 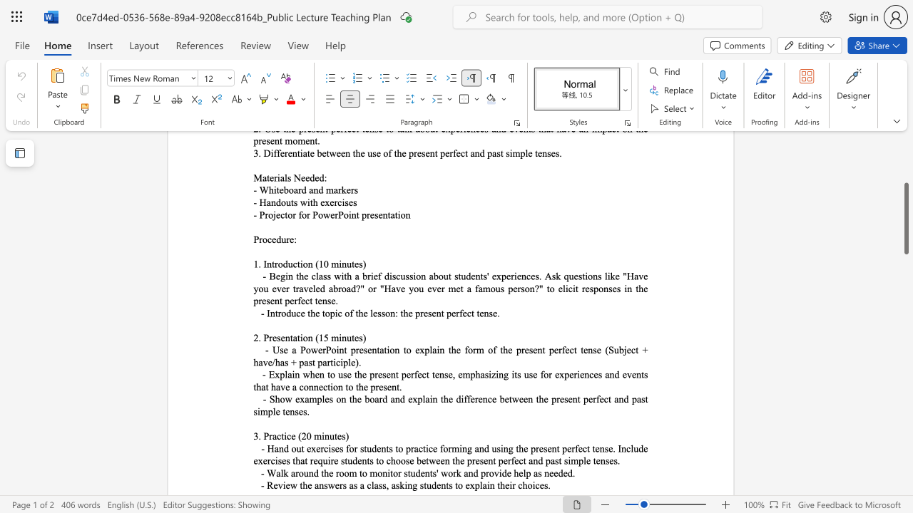 What do you see at coordinates (542, 447) in the screenshot?
I see `the subset text "sent perfect tense. Include exercises that require students to choose between the present perfect and past sim" within the text "- Hand out exercises for students to practice forming and using the present perfect tense. Include exercises that require students to choose between the present perfect and past simple tenses."` at bounding box center [542, 447].